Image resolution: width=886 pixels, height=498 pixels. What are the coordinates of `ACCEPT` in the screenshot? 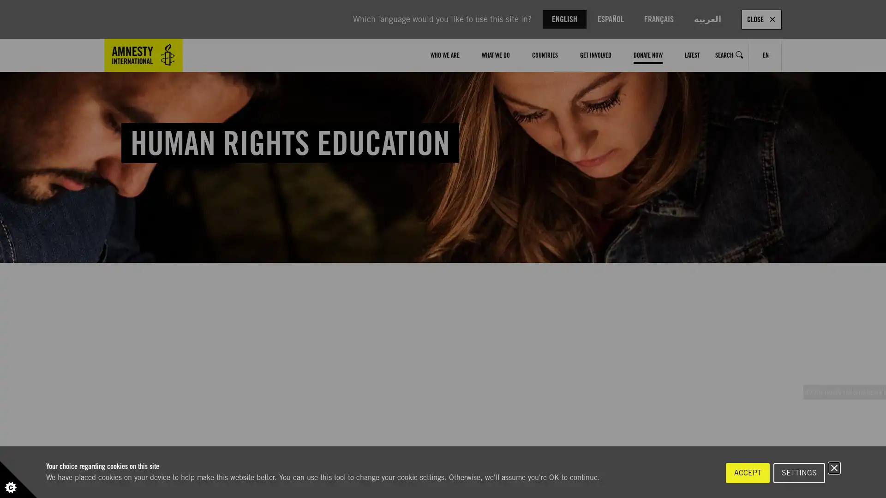 It's located at (748, 473).